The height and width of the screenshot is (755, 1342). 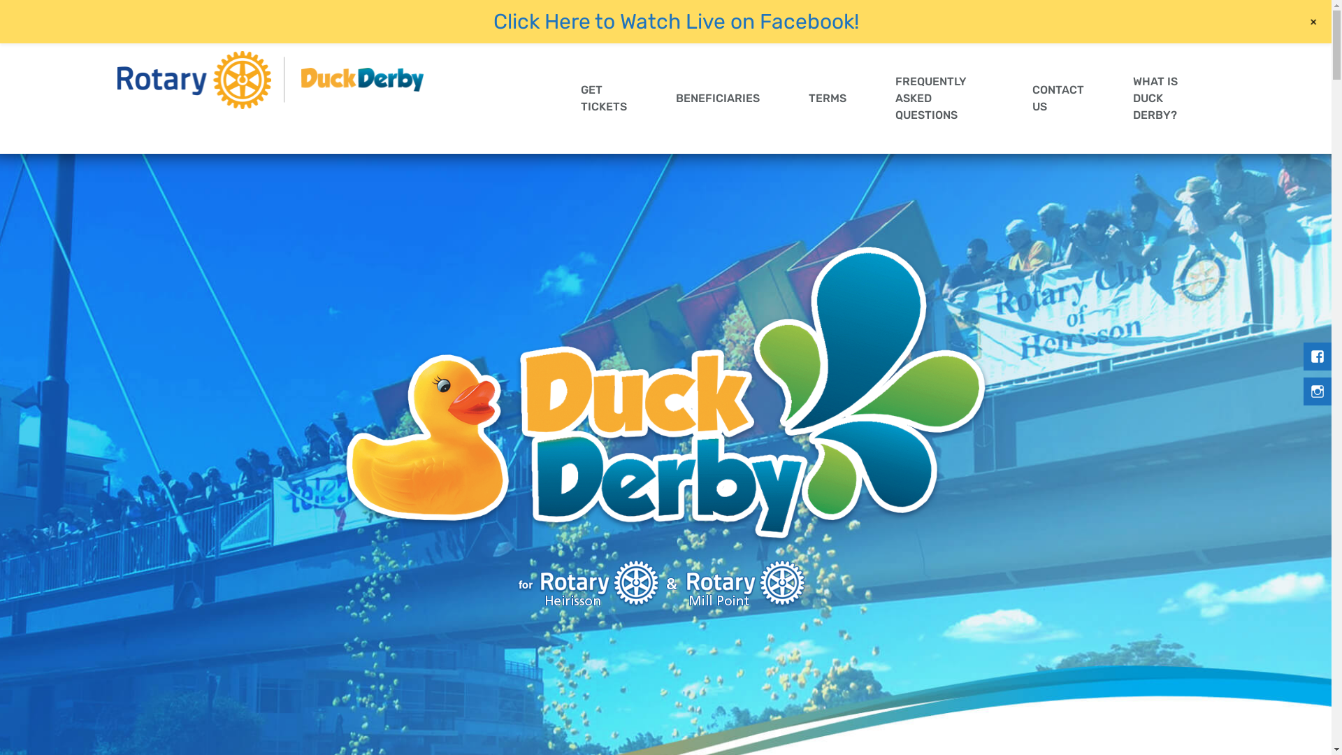 I want to click on 'Click Here to Watch Live on Facebook!', so click(x=676, y=21).